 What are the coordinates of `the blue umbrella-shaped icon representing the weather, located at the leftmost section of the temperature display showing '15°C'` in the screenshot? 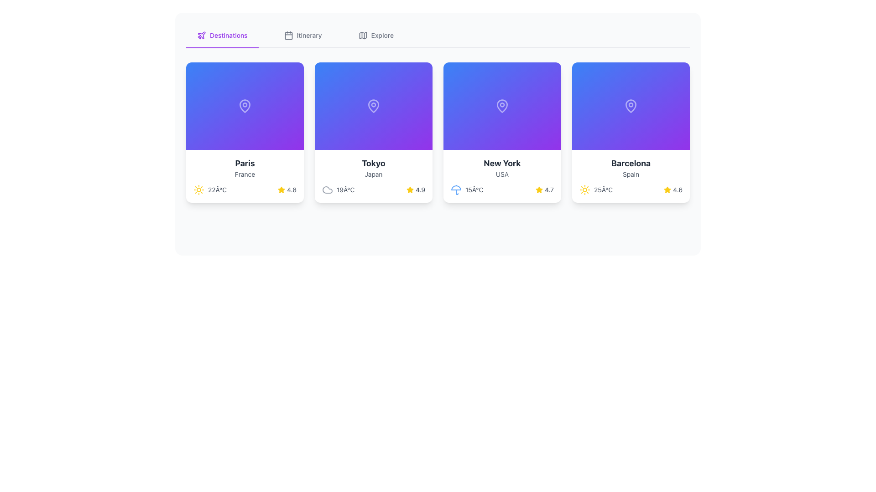 It's located at (456, 189).